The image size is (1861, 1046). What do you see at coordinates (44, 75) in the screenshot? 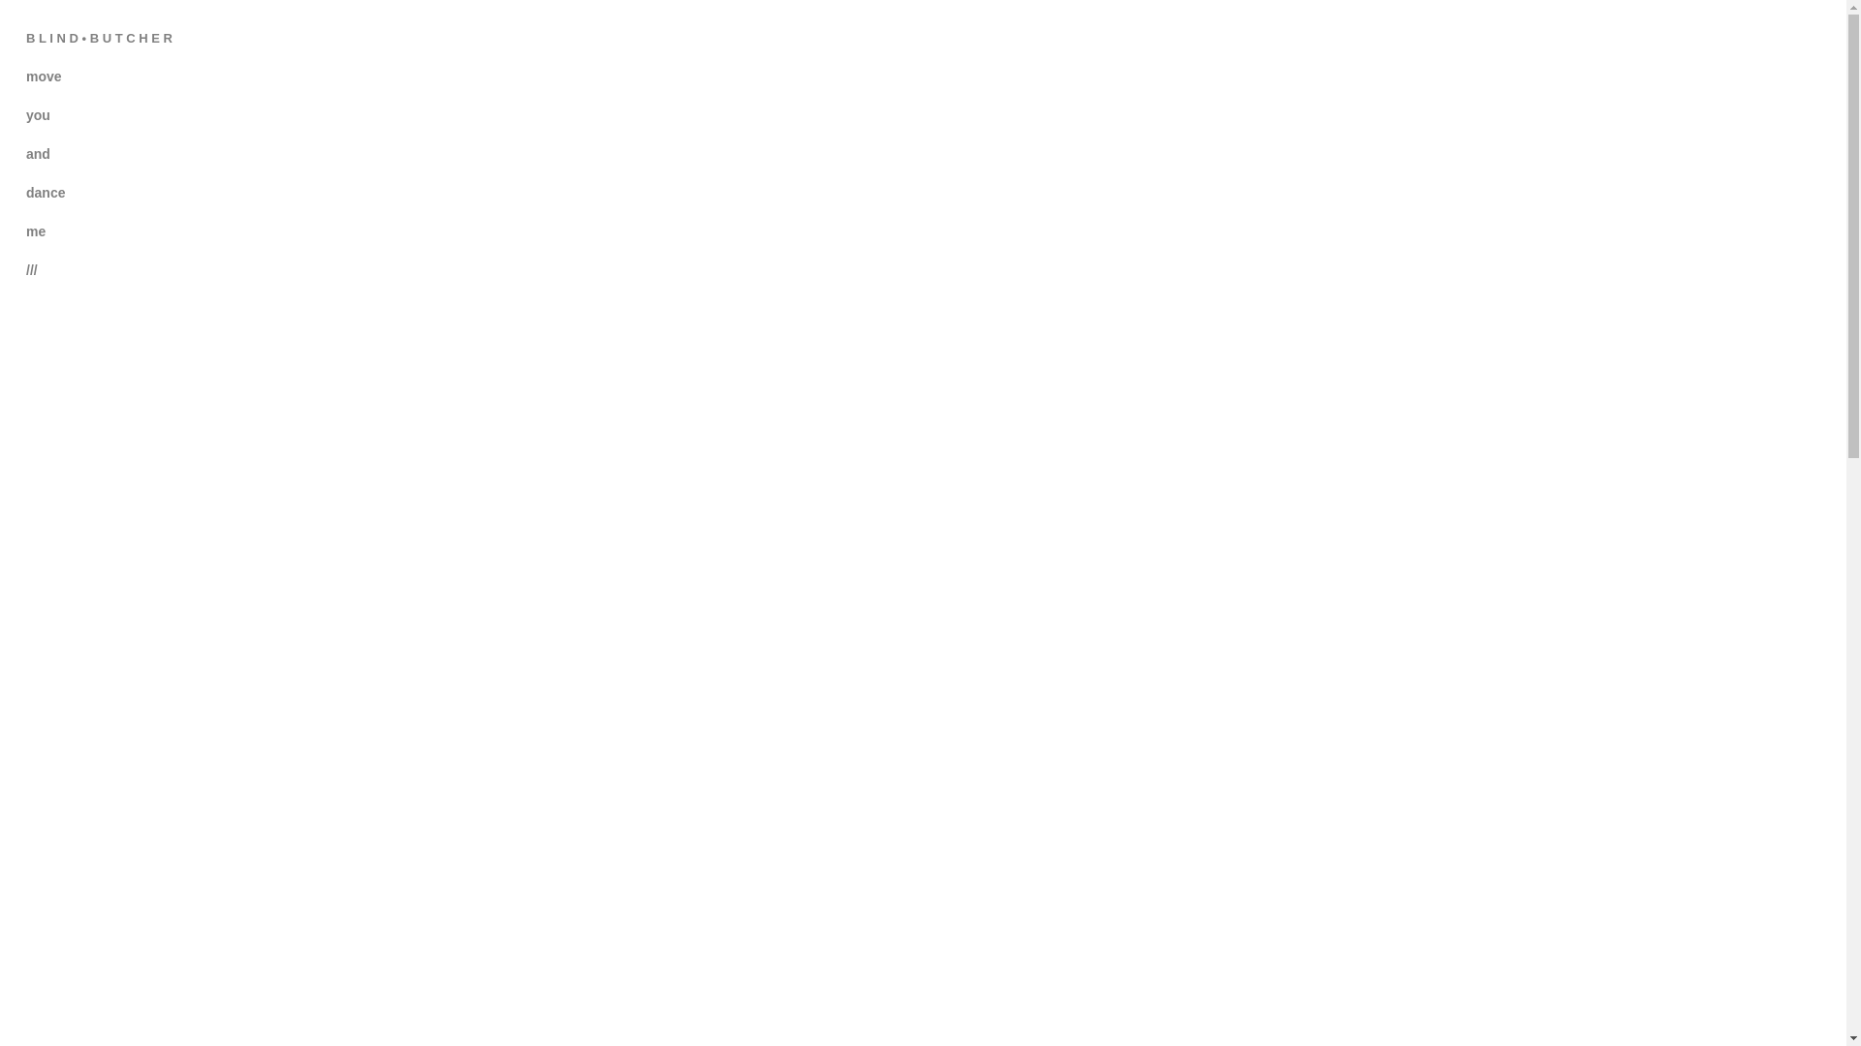
I see `'move'` at bounding box center [44, 75].